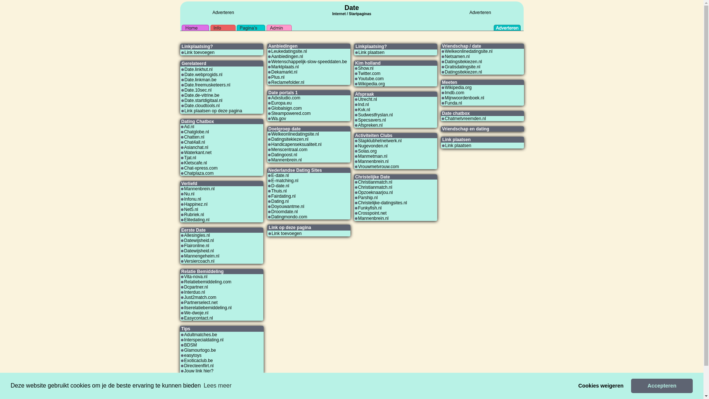 The image size is (709, 399). I want to click on 'Gratisdatingsite.nl', so click(462, 67).